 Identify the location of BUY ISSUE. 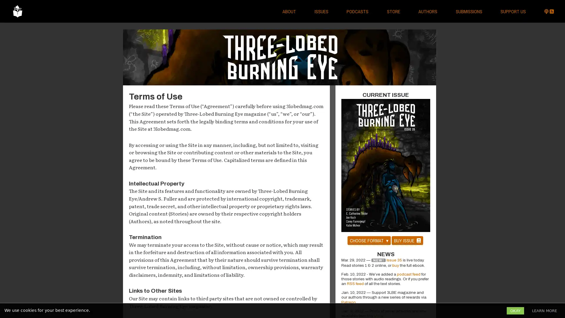
(407, 240).